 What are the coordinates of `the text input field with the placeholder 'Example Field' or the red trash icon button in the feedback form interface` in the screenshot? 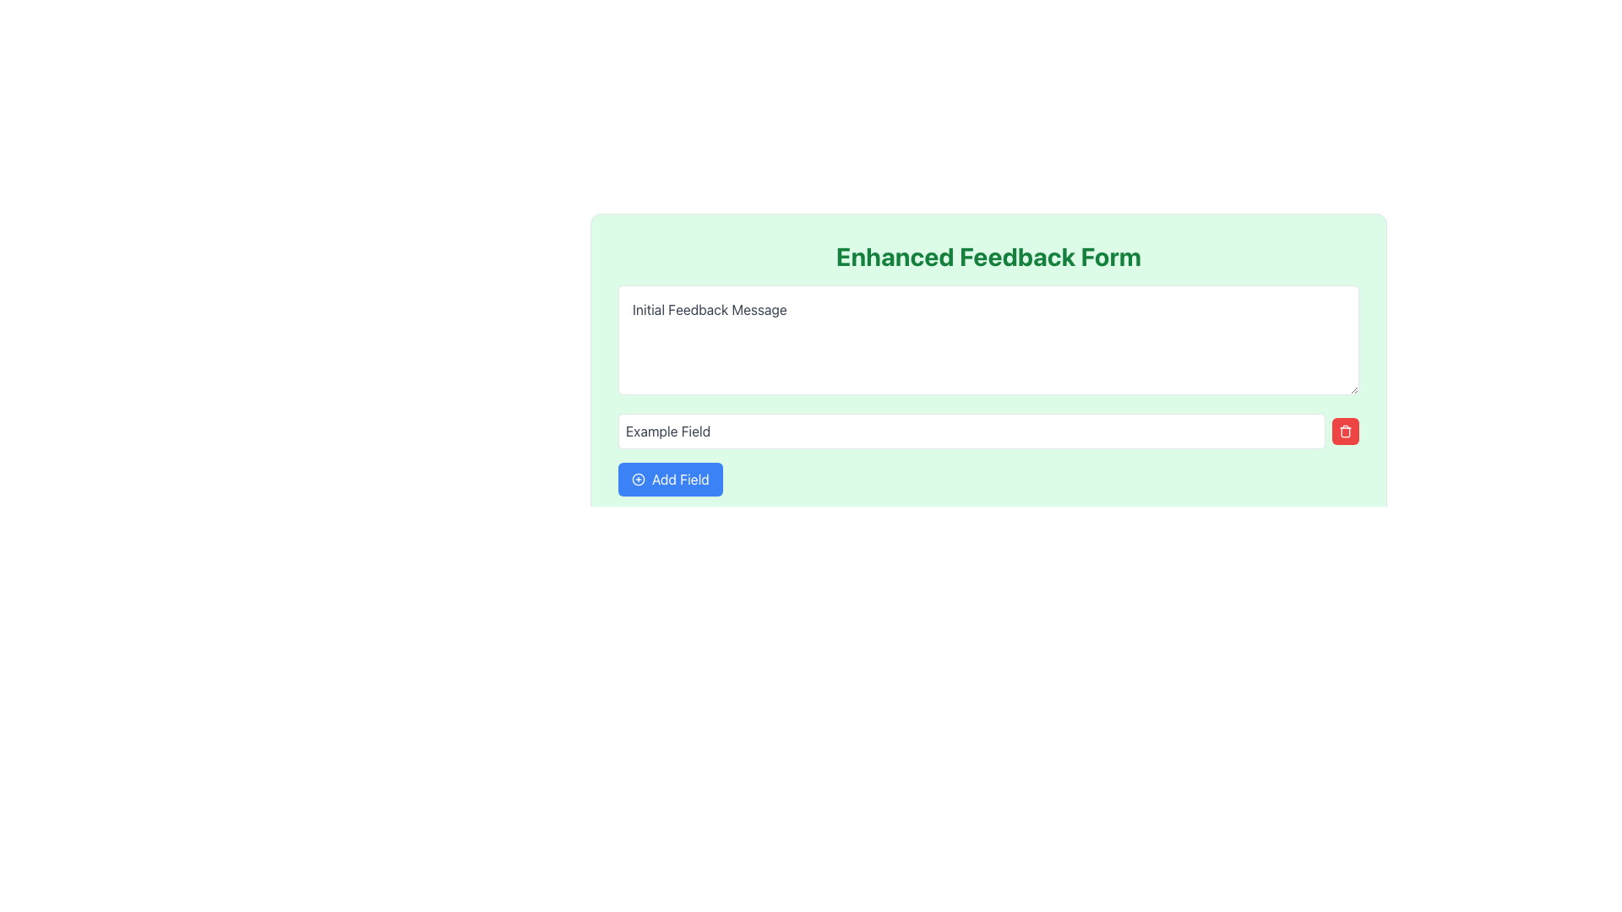 It's located at (988, 430).